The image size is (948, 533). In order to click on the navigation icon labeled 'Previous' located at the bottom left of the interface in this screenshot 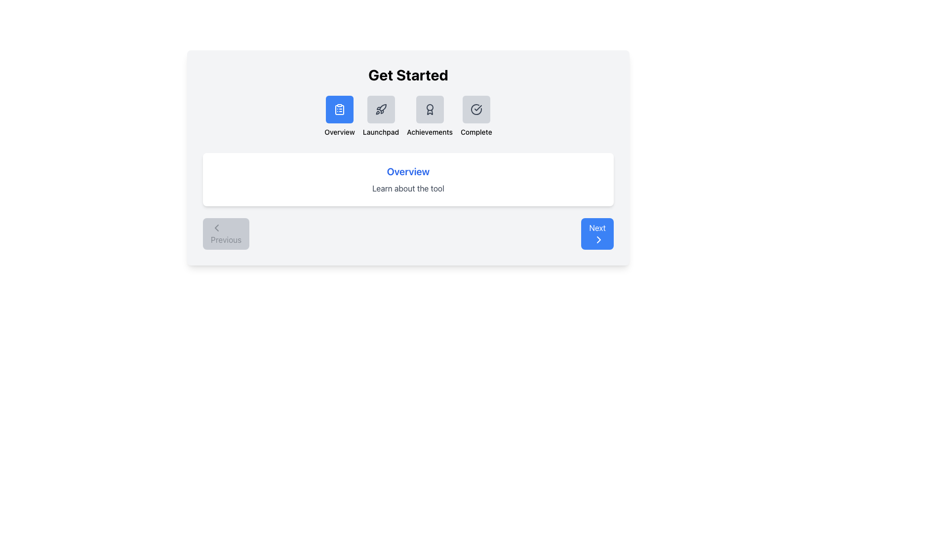, I will do `click(216, 228)`.